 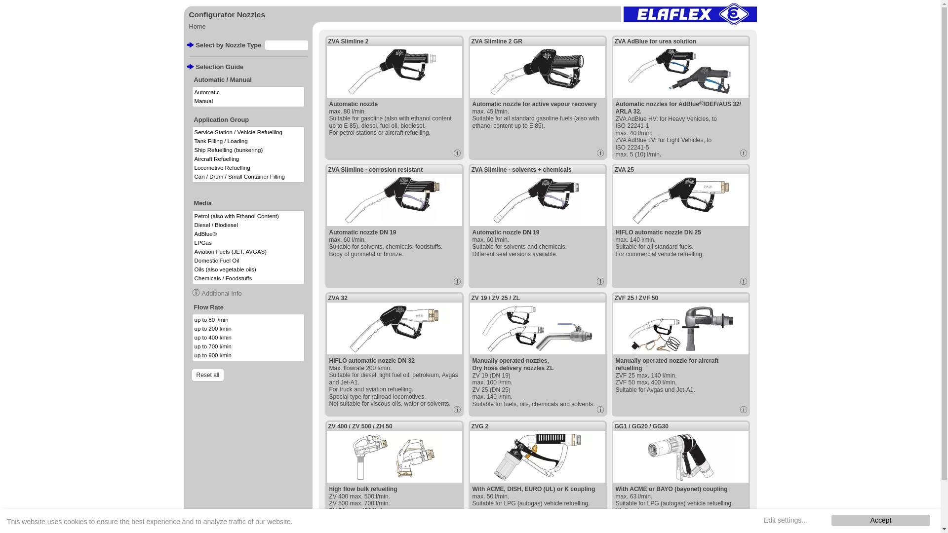 What do you see at coordinates (248, 131) in the screenshot?
I see `'Service Station / Vehicle Refuelling'` at bounding box center [248, 131].